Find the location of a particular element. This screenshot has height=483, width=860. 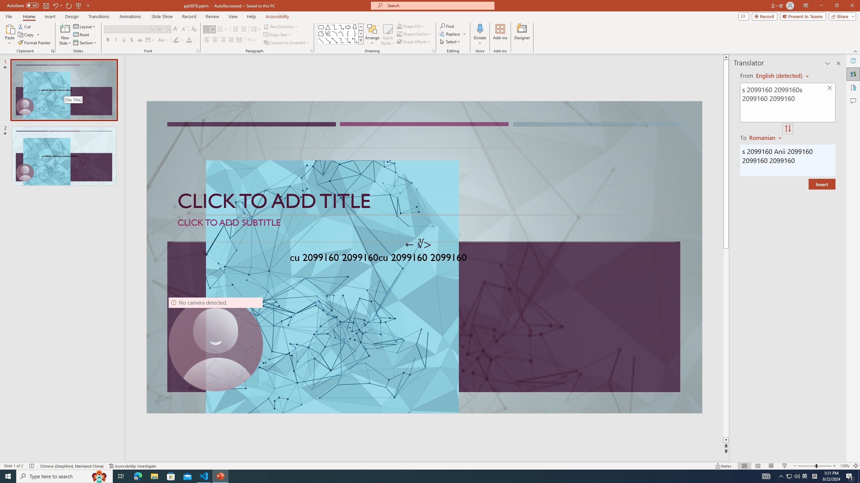

'An abstract genetic concept' is located at coordinates (424, 257).